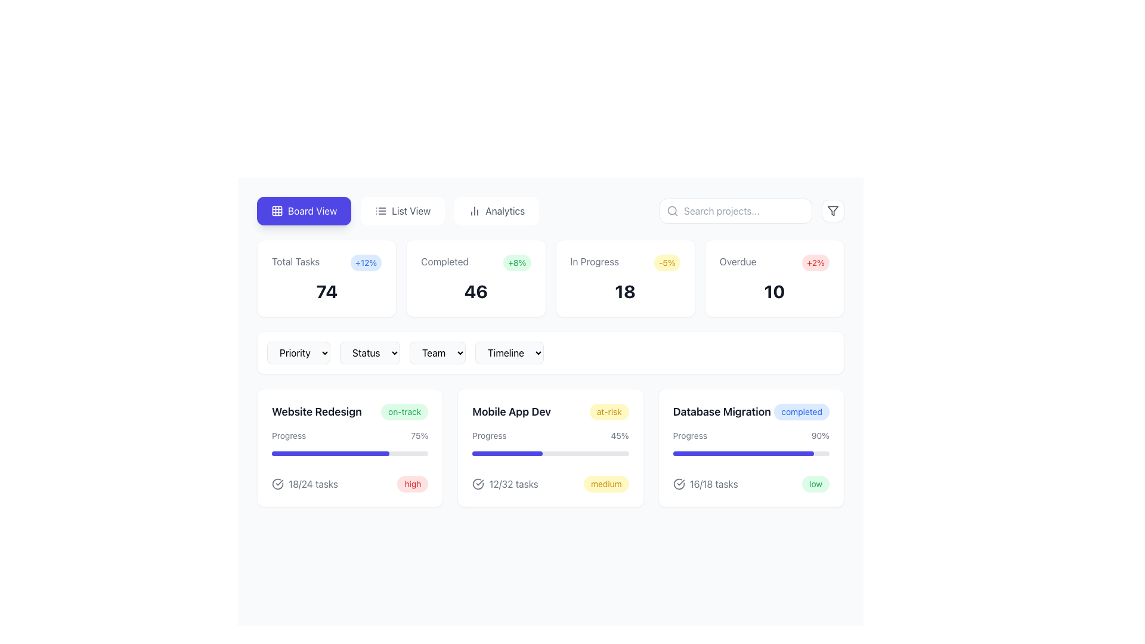 The width and height of the screenshot is (1145, 644). I want to click on the text displaying task completion information in the lower right card labeled 'Database Migration' to possibly reveal additional details or tooltips, so click(714, 484).